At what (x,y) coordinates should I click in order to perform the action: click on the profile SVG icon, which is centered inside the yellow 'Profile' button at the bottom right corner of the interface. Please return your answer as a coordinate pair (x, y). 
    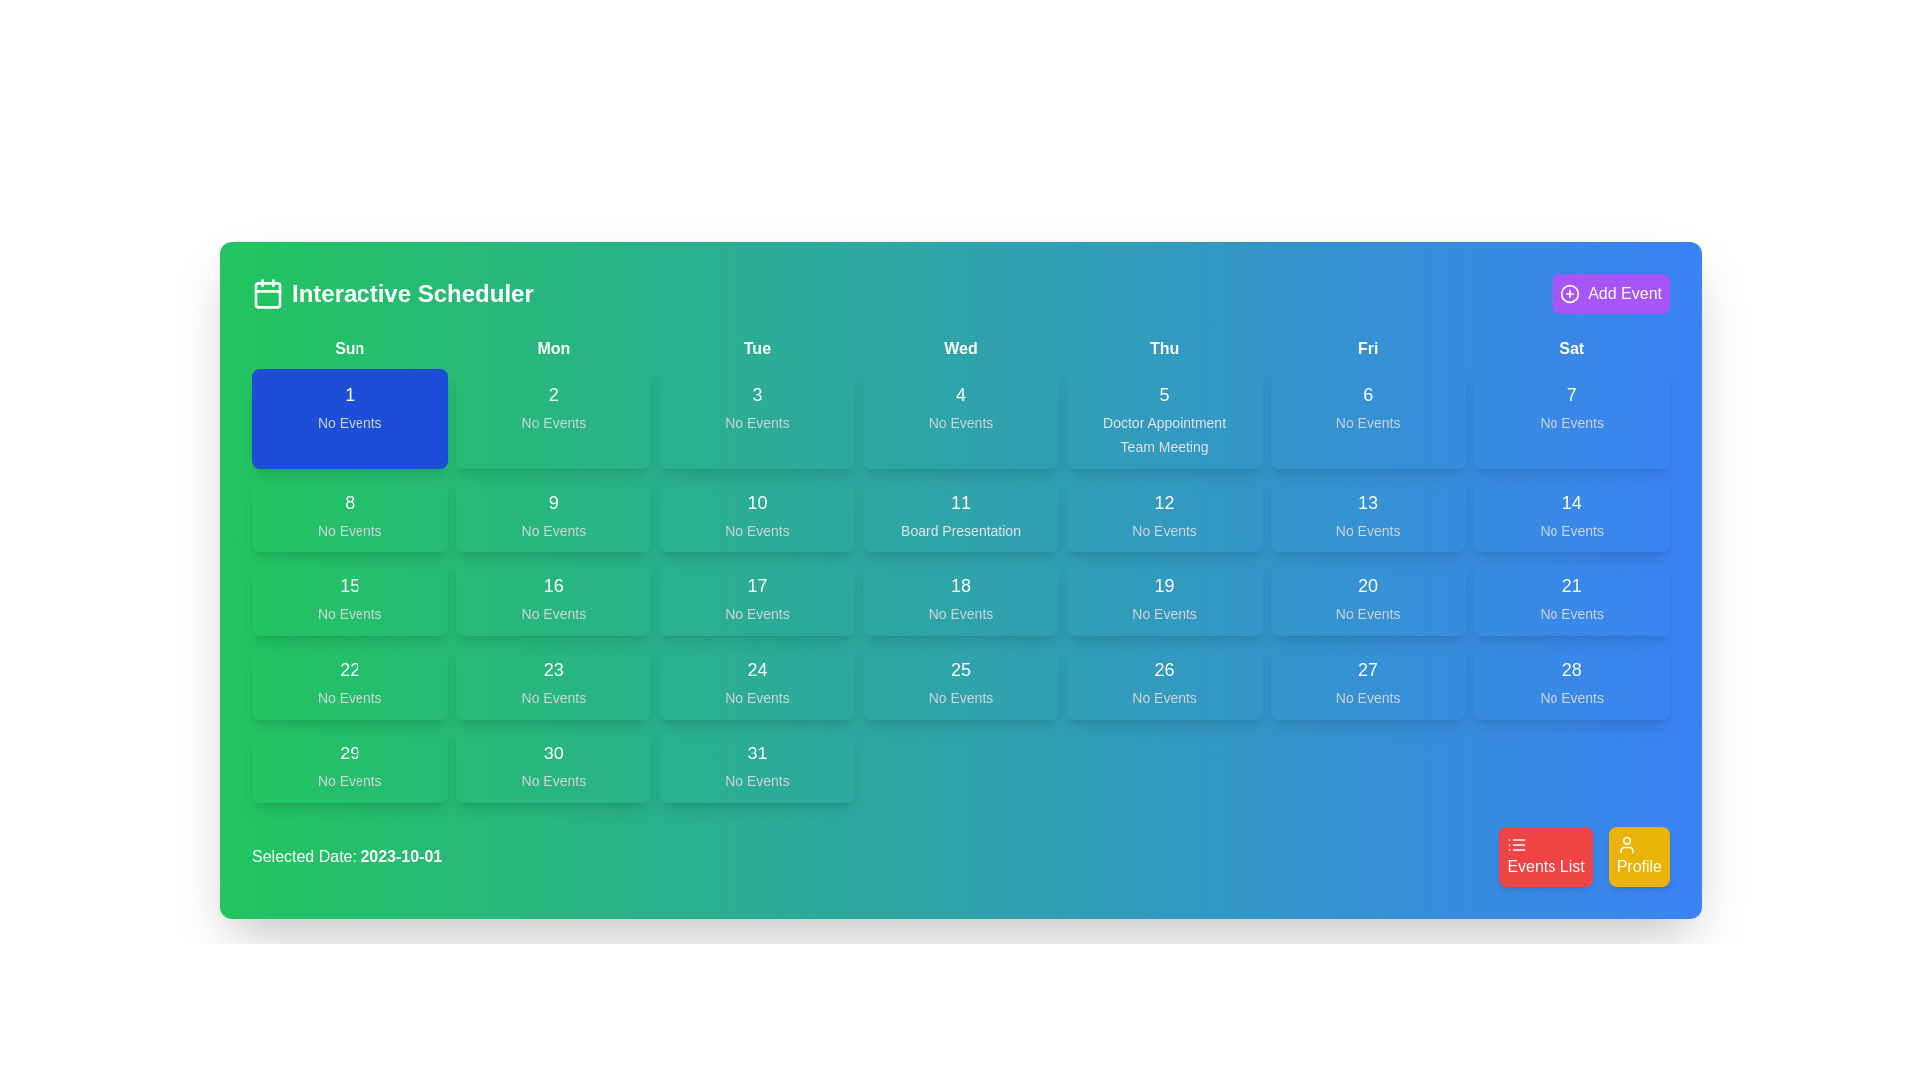
    Looking at the image, I should click on (1626, 844).